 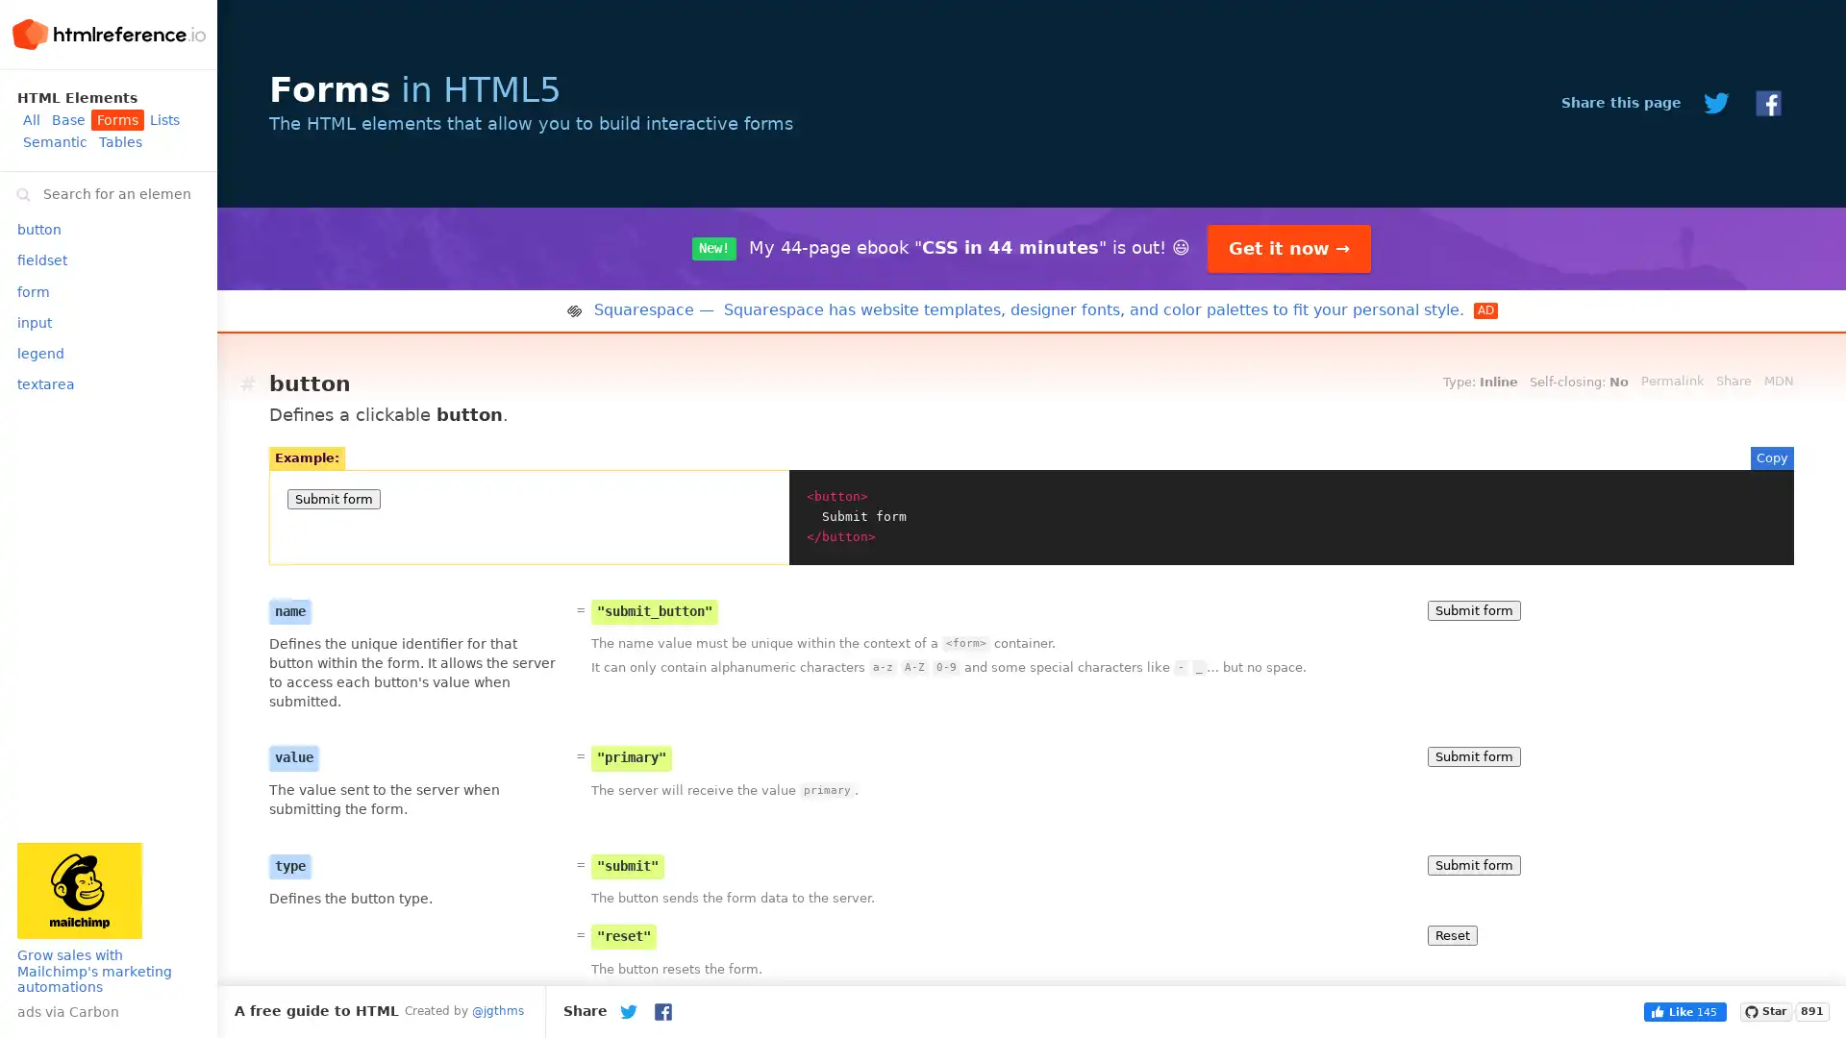 I want to click on Submit form, so click(x=1473, y=609).